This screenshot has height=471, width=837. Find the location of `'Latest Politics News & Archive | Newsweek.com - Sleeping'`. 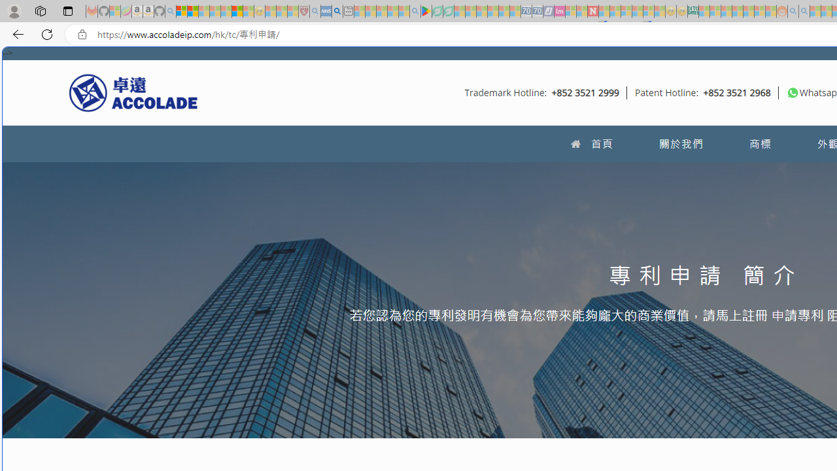

'Latest Politics News & Archive | Newsweek.com - Sleeping' is located at coordinates (592, 11).